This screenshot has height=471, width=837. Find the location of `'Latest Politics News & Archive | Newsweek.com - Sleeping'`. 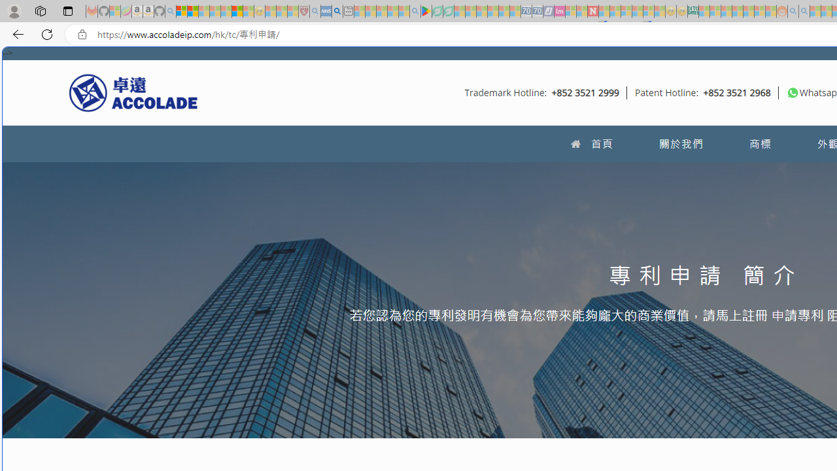

'Latest Politics News & Archive | Newsweek.com - Sleeping' is located at coordinates (592, 11).